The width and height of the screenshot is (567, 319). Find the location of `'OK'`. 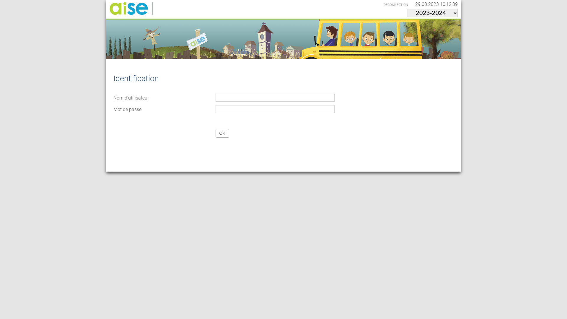

'OK' is located at coordinates (222, 133).